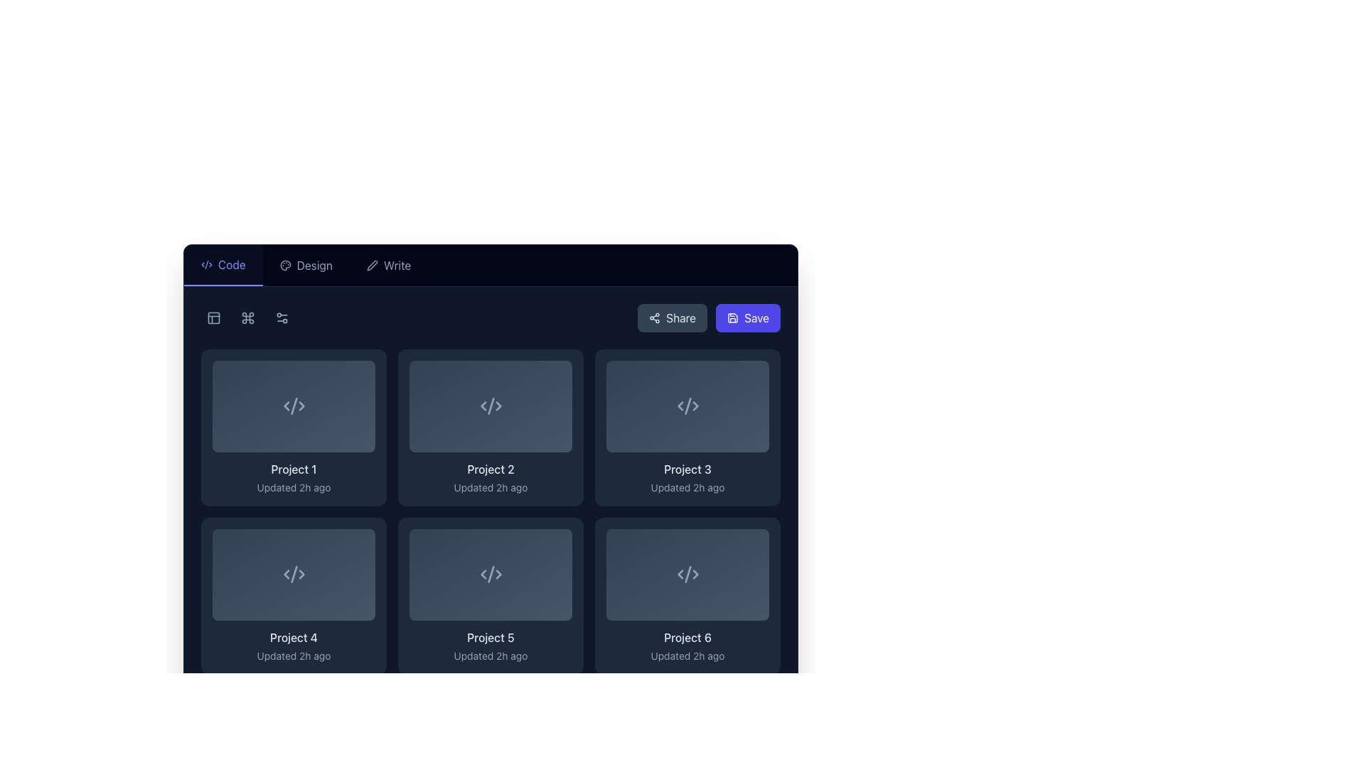 The image size is (1365, 767). I want to click on left-pointing angular icon resembling a chevron in the SVG for 'Project 6' located in the second row, third column of the grid layout, so click(679, 574).